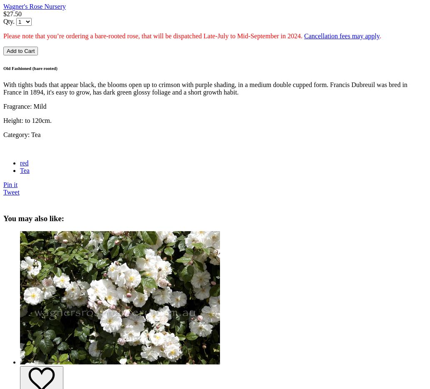  I want to click on 'You may also like:', so click(34, 218).